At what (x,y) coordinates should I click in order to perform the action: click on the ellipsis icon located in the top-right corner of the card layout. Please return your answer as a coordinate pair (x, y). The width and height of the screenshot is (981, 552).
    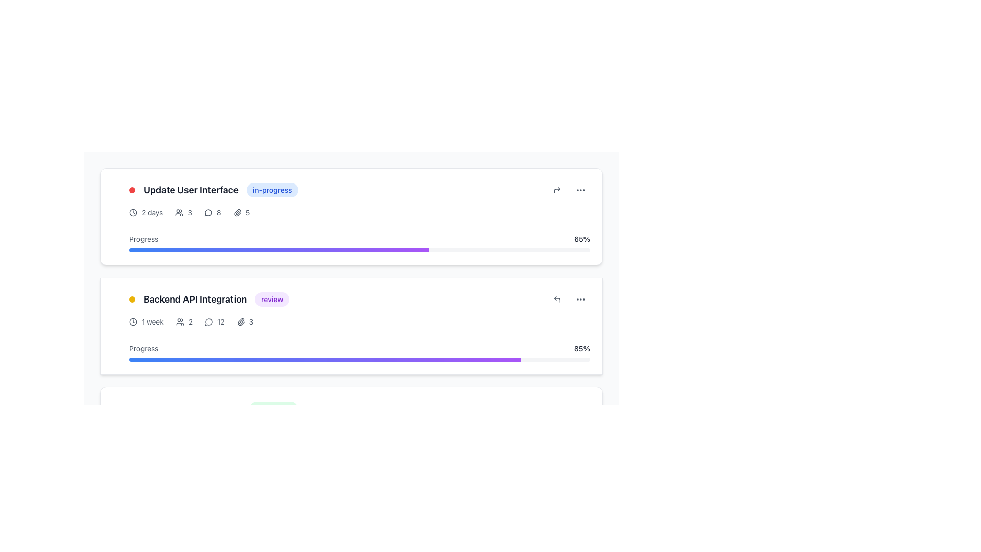
    Looking at the image, I should click on (581, 299).